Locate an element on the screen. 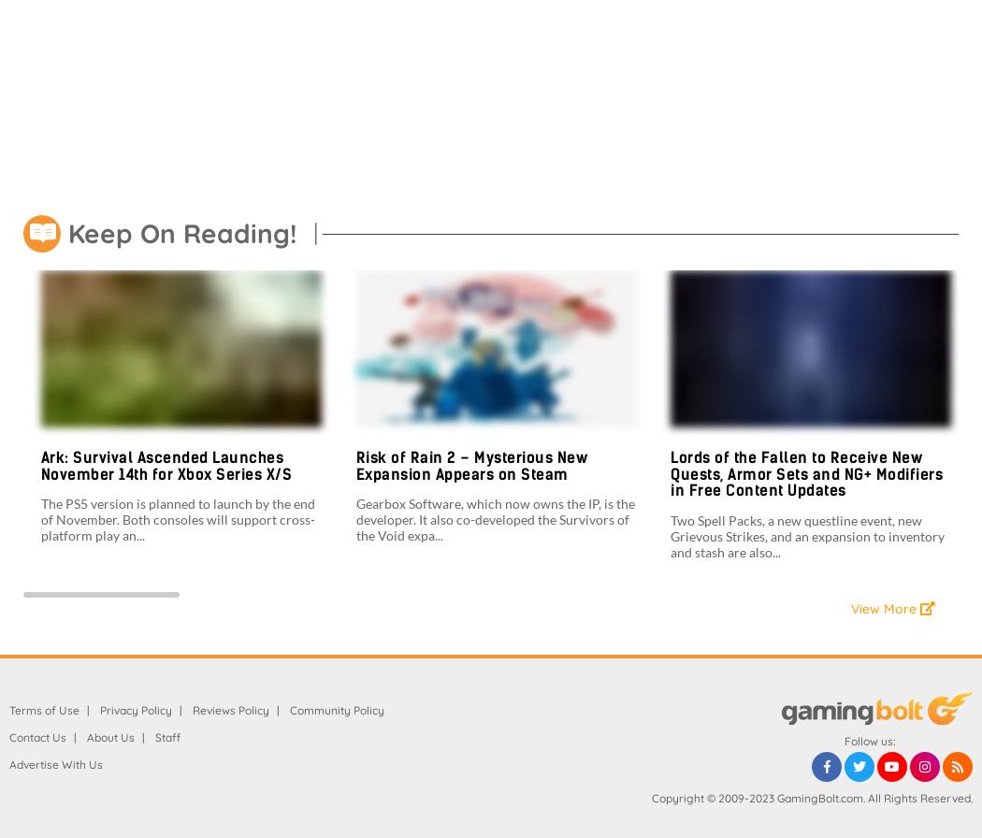 This screenshot has height=838, width=982. 'Reviews Policy' is located at coordinates (230, 709).